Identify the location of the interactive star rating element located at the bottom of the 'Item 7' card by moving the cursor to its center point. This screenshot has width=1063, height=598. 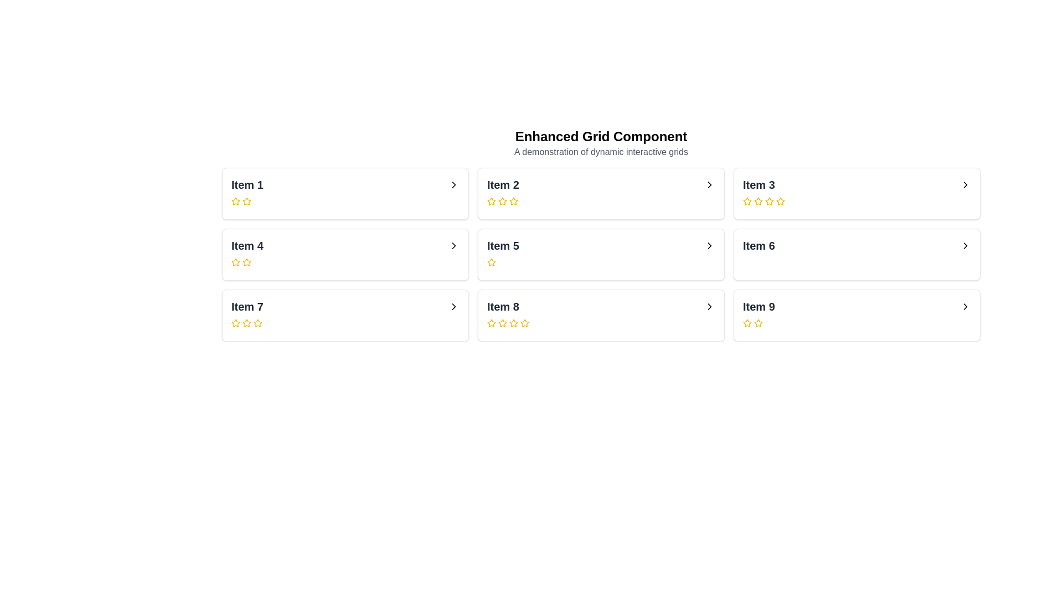
(345, 323).